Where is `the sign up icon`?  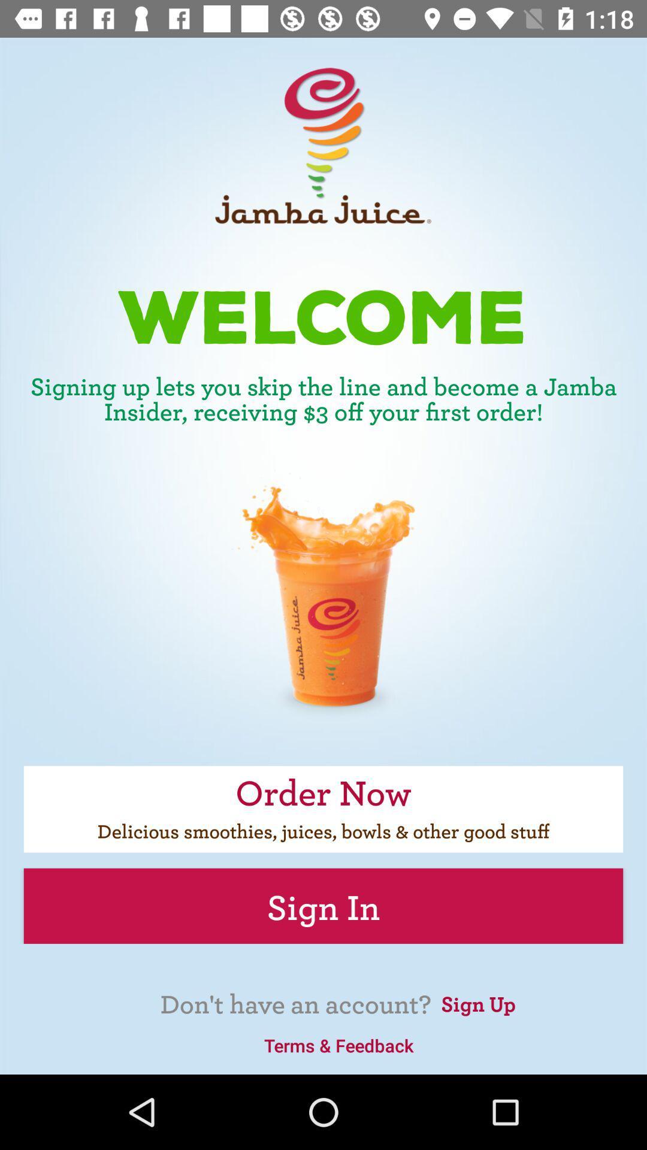
the sign up icon is located at coordinates (477, 1002).